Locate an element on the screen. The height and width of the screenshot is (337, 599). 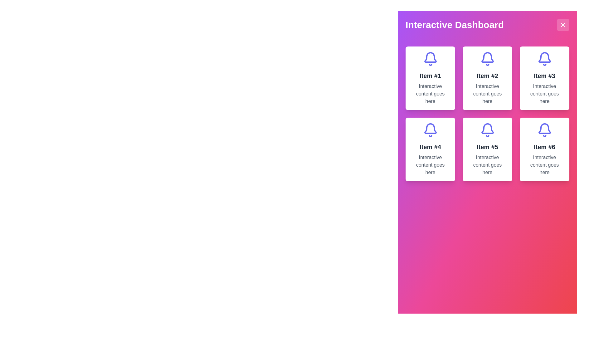
the third card in the top row of the grid interface, positioned to the right of 'Item #2' and above 'Item #6' is located at coordinates (544, 78).